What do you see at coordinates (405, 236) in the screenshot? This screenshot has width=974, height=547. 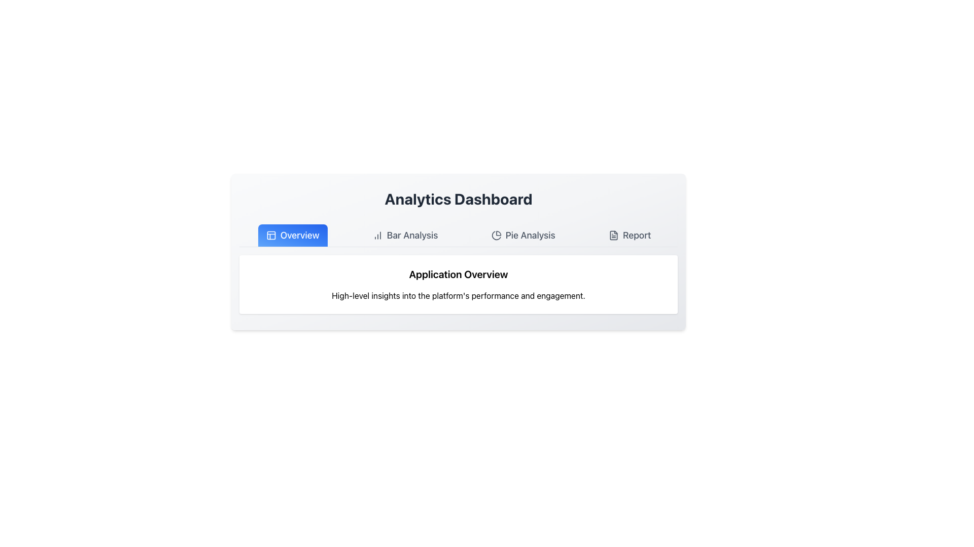 I see `the 'Bar Analysis' button in the horizontal navigation bar located under 'Analytics Dashboard'` at bounding box center [405, 236].